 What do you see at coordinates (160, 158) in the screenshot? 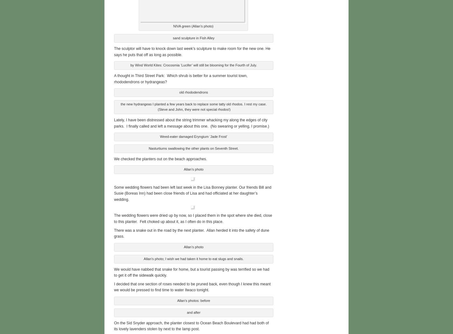
I see `'We checked the planters out on the beach approaches.'` at bounding box center [160, 158].